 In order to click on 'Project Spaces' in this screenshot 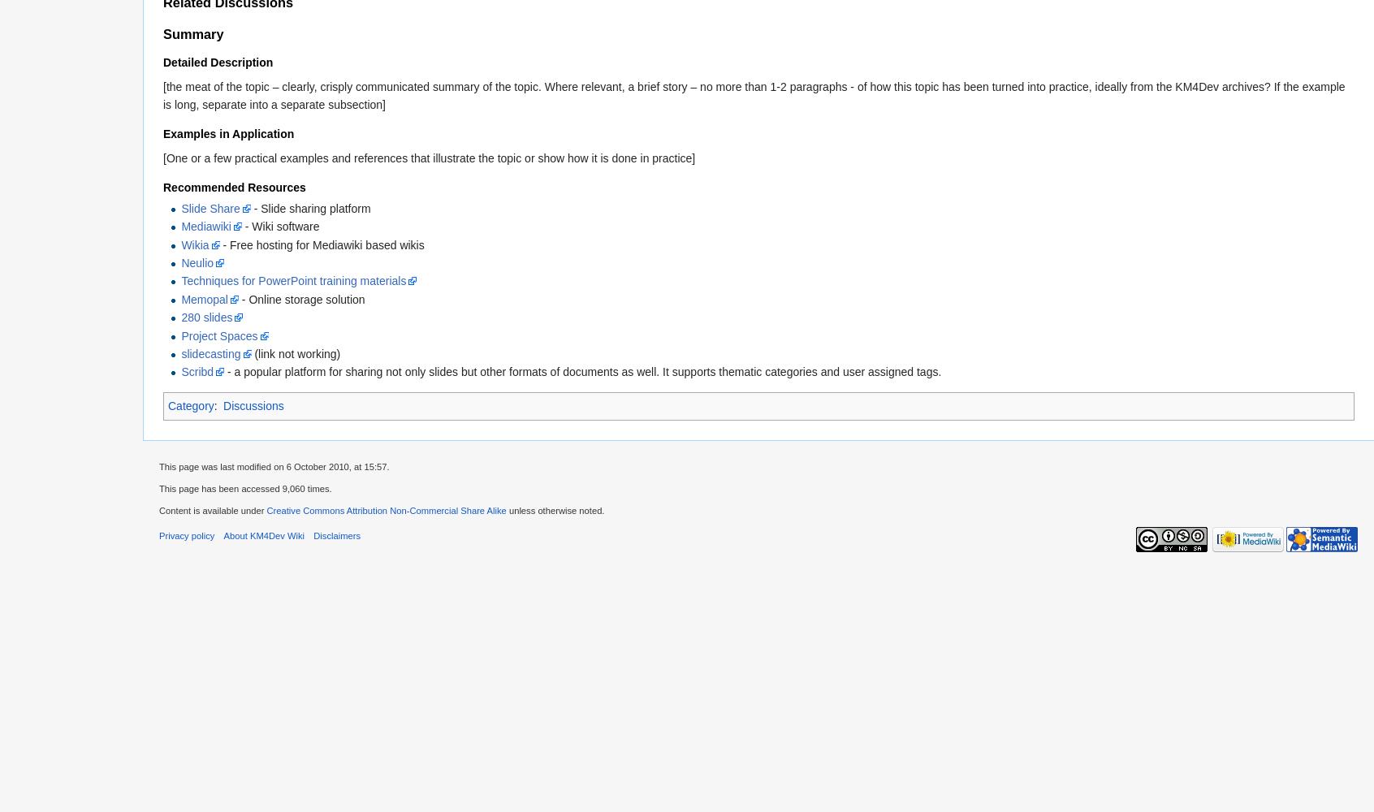, I will do `click(219, 335)`.